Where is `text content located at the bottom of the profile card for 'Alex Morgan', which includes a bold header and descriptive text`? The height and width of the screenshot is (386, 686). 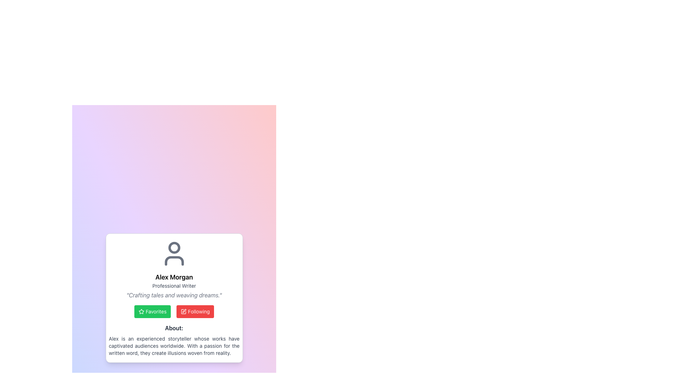
text content located at the bottom of the profile card for 'Alex Morgan', which includes a bold header and descriptive text is located at coordinates (174, 340).